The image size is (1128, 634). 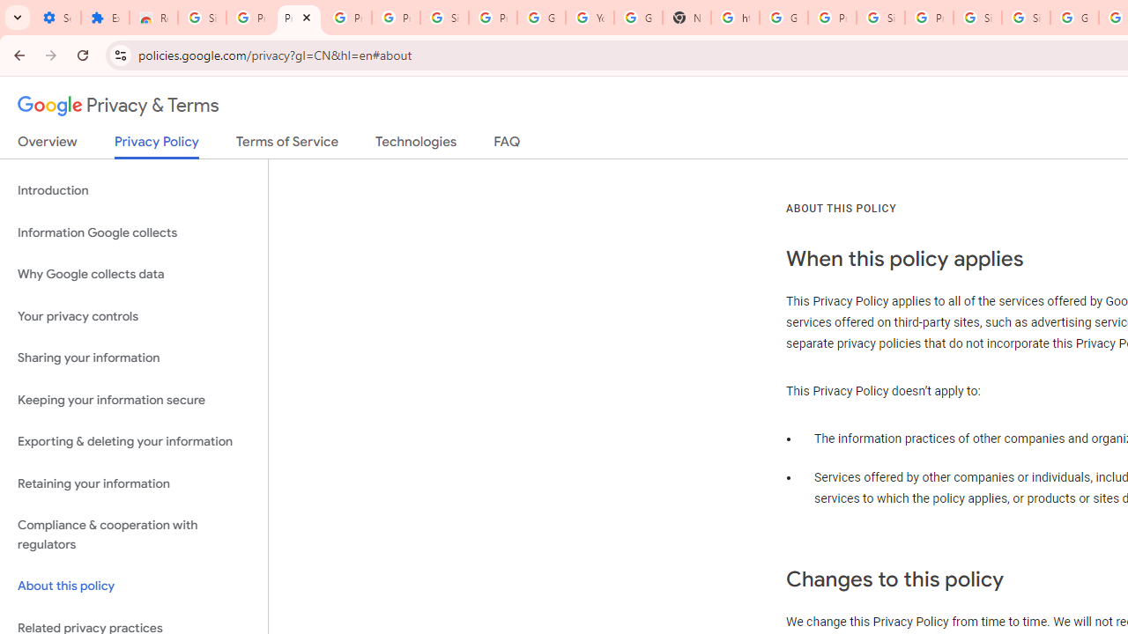 What do you see at coordinates (133, 534) in the screenshot?
I see `'Compliance & cooperation with regulators'` at bounding box center [133, 534].